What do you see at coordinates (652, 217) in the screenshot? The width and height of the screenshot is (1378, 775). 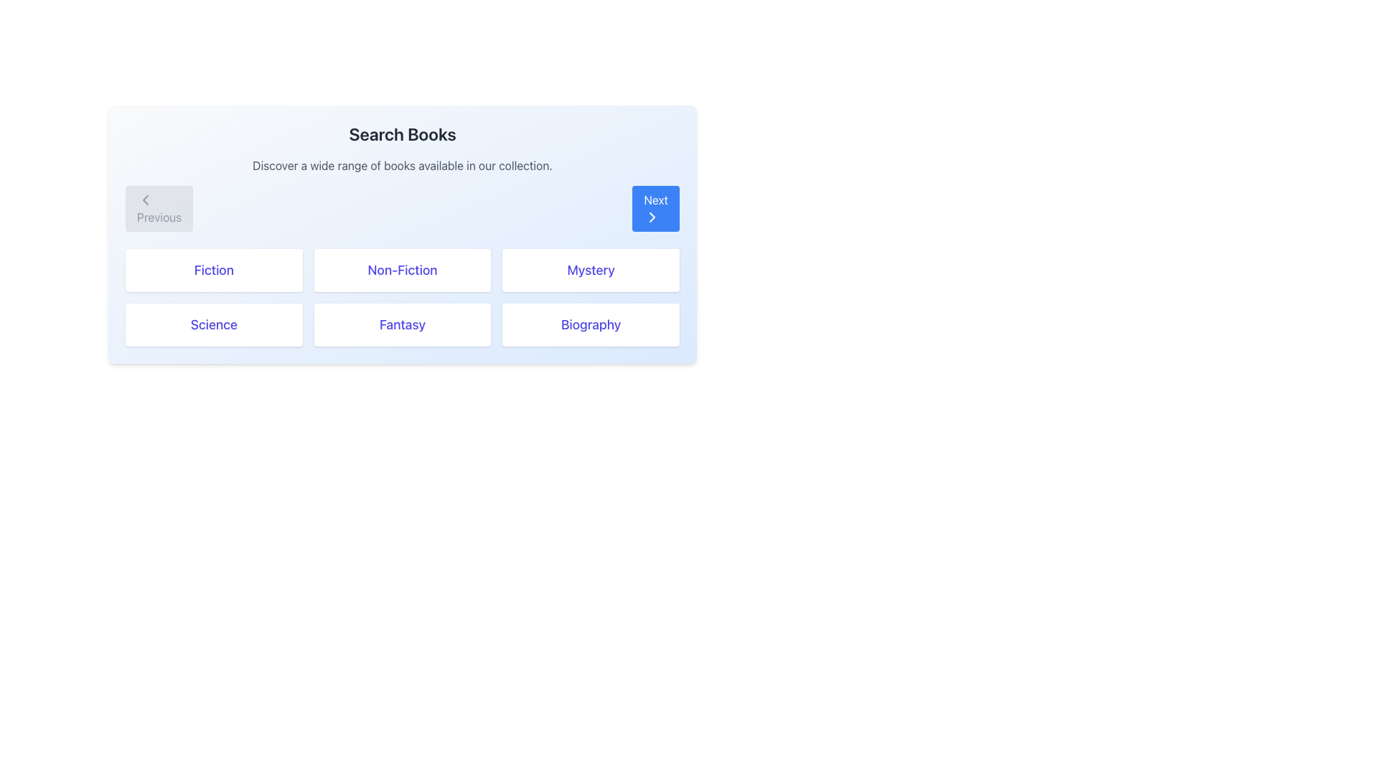 I see `the SVG chevron shape within the 'Next' button on the right side of the interface` at bounding box center [652, 217].